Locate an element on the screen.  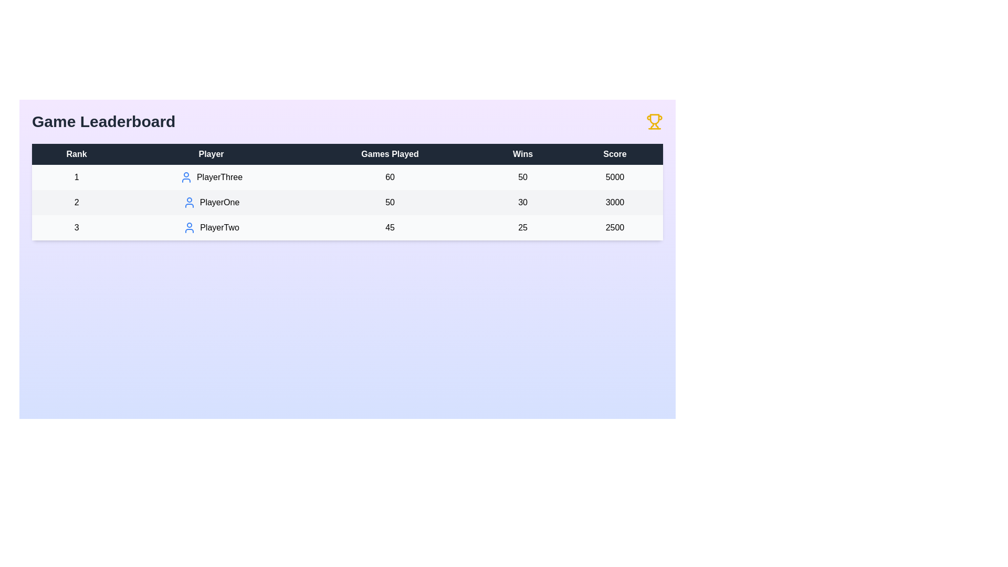
the trophy icon representing achievements in the Game Leaderboard component, located in the upper-right corner is located at coordinates (654, 121).